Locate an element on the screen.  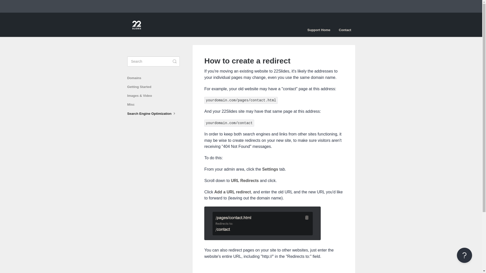
'search-query' is located at coordinates (153, 61).